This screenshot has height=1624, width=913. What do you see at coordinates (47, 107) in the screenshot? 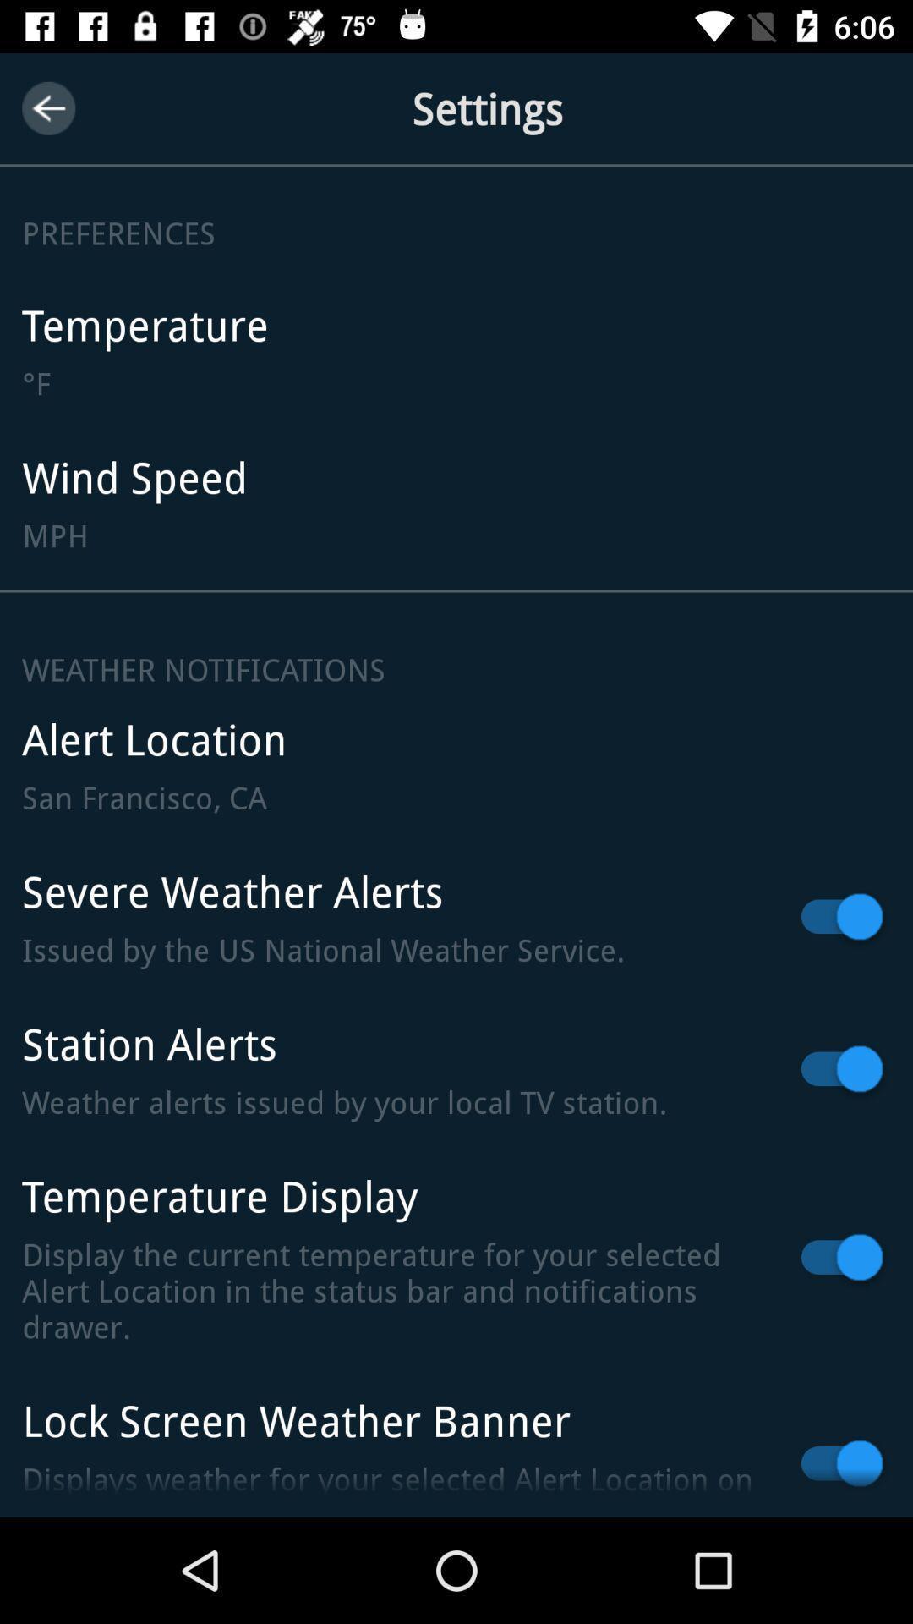
I see `the arrow_backward icon` at bounding box center [47, 107].